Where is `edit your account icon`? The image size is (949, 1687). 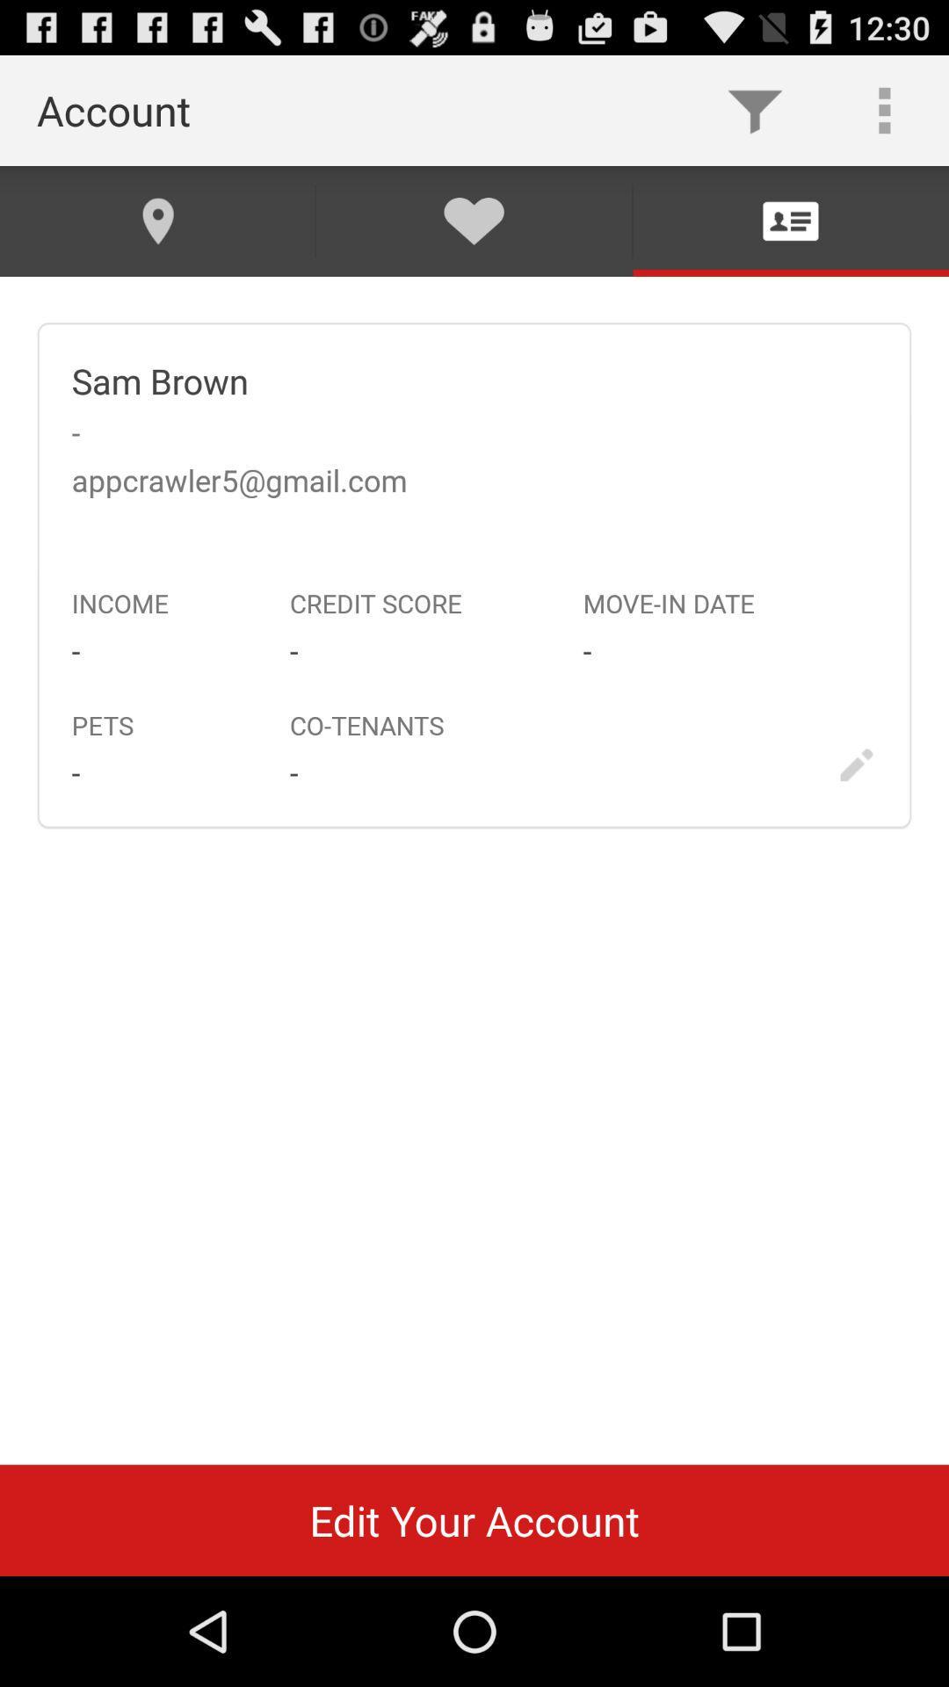 edit your account icon is located at coordinates (474, 1519).